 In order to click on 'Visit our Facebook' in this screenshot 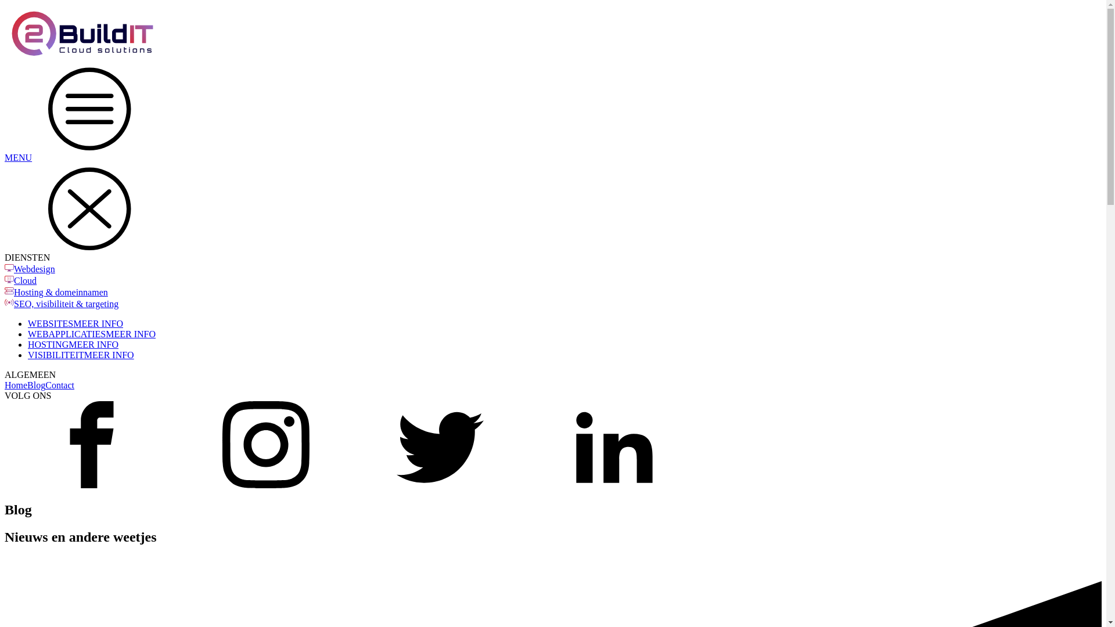, I will do `click(91, 485)`.